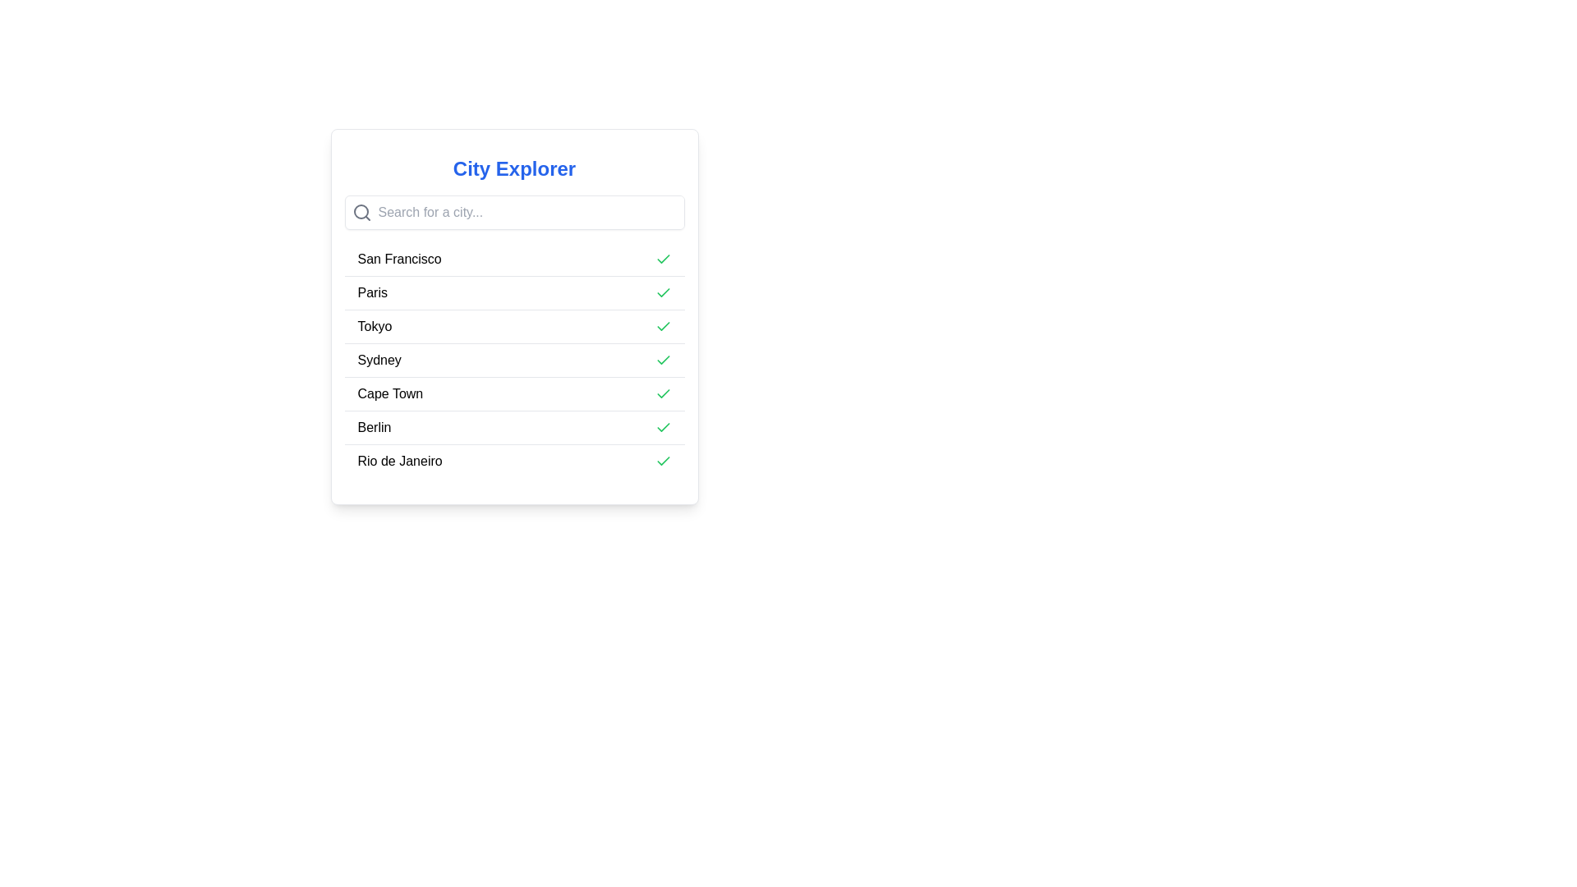  I want to click on the green checkmark icon located to the right of the list entry for 'Paris', so click(663, 292).